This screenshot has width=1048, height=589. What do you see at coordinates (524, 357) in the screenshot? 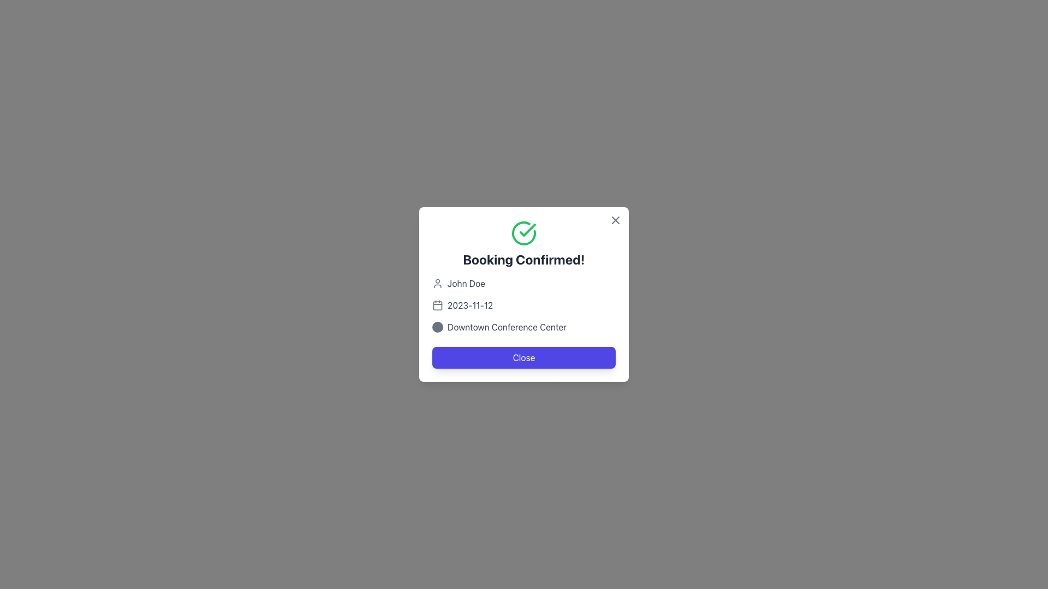
I see `the 'Close' button, which is a rectangular button with rounded corners, featuring white text on a purple background, located at the bottom of a pop-up window` at bounding box center [524, 357].